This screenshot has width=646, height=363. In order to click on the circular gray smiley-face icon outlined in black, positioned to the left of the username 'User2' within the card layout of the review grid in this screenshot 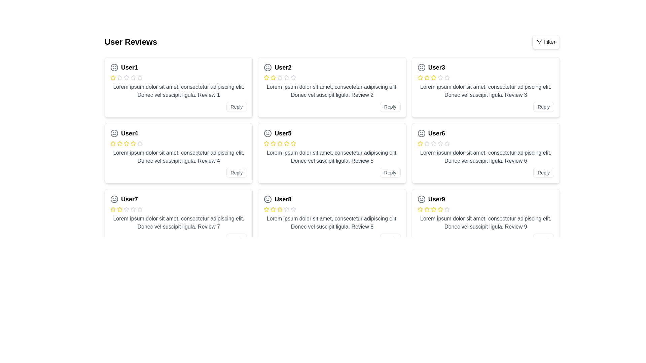, I will do `click(267, 67)`.